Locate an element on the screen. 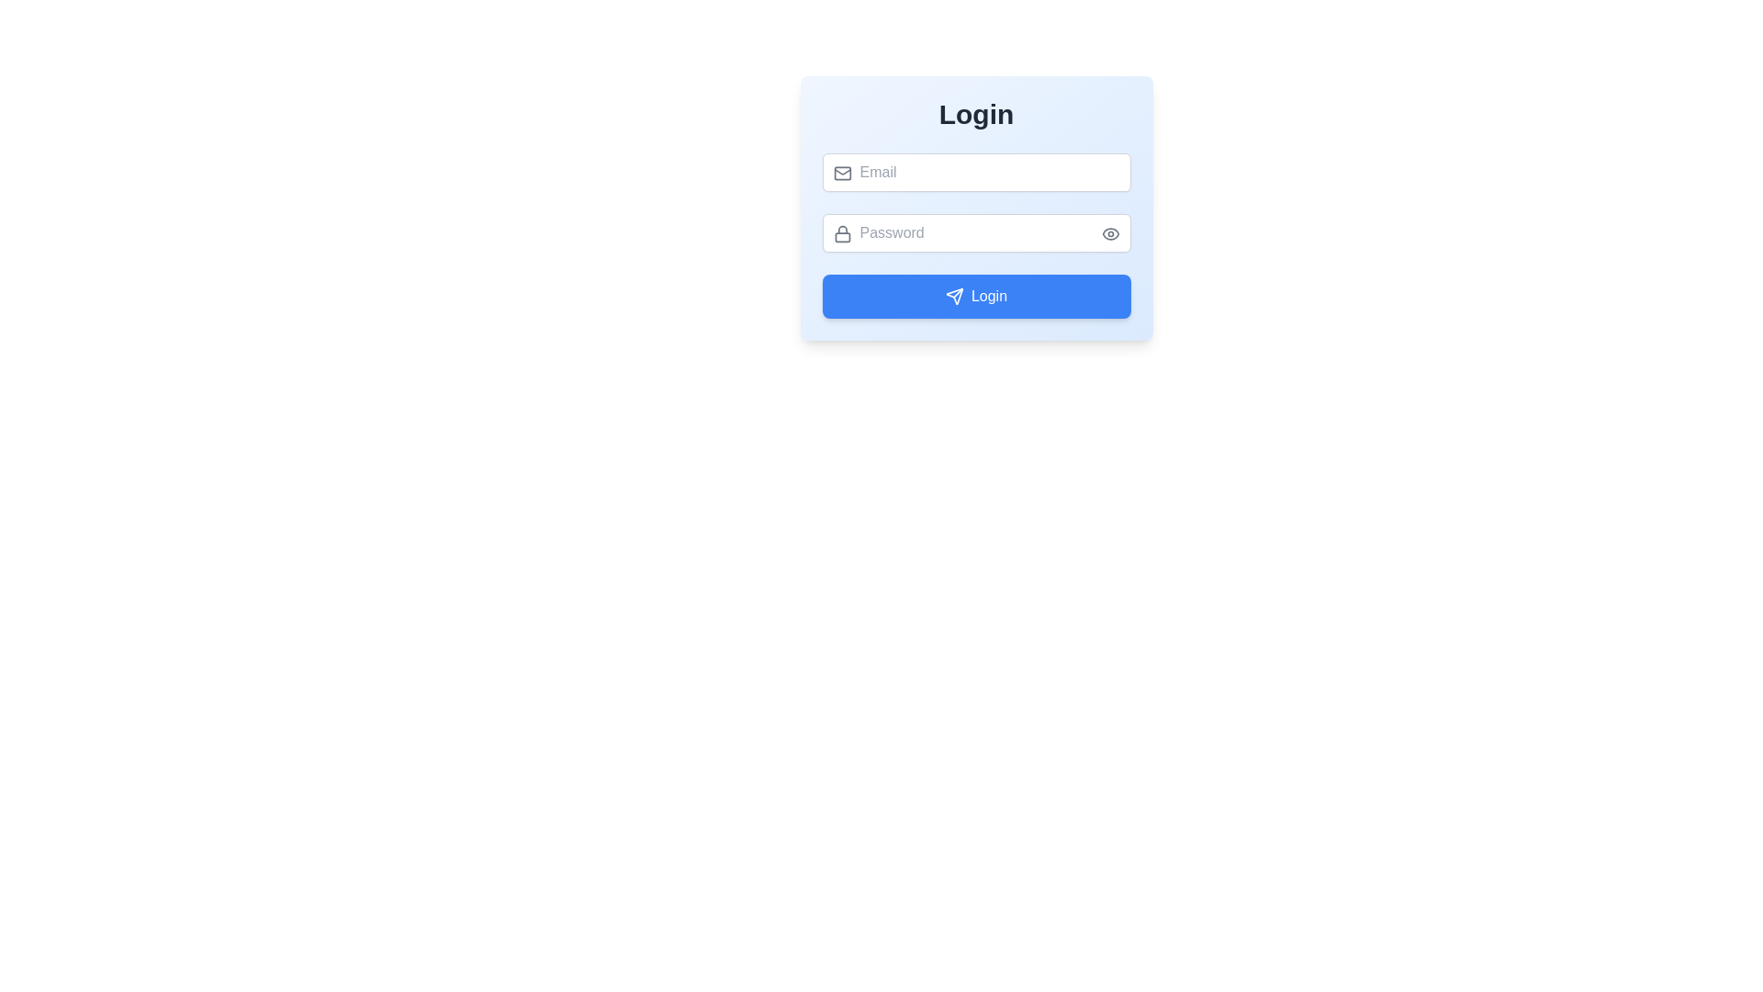 The image size is (1763, 992). the email icon, which is a simplified envelope shape with a thin gray outline, located to the left of the 'Email' input field in the login form is located at coordinates (841, 174).